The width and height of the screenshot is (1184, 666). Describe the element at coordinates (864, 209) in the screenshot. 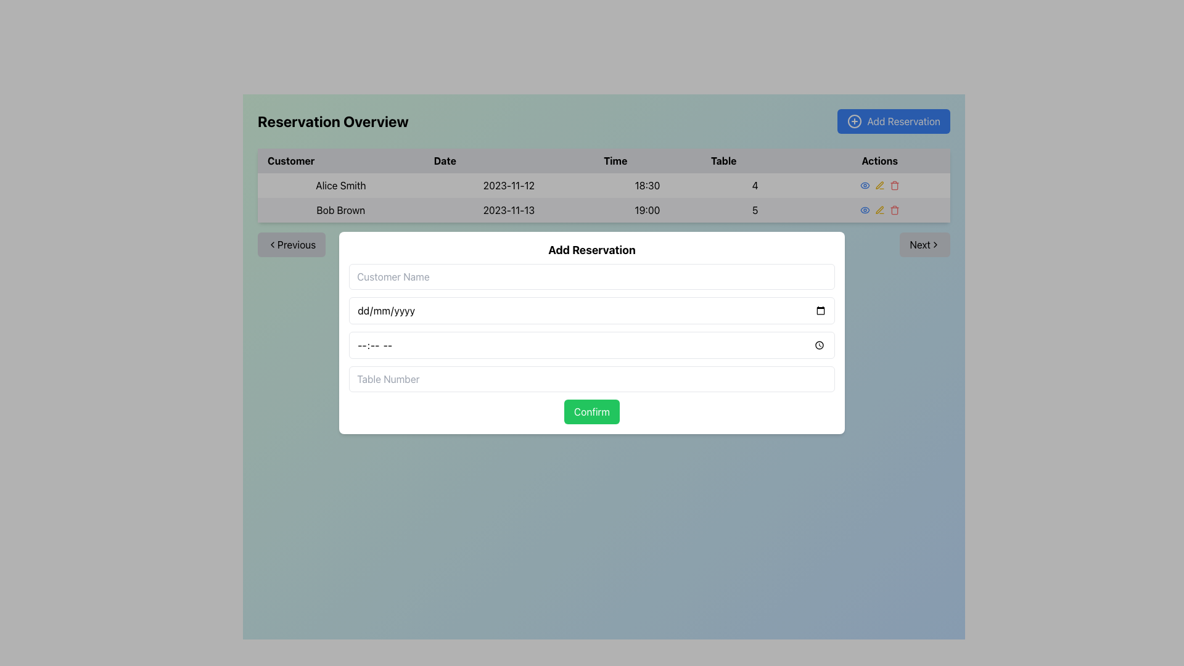

I see `the Icon button located in the 'Actions' column of the second row in the table` at that location.